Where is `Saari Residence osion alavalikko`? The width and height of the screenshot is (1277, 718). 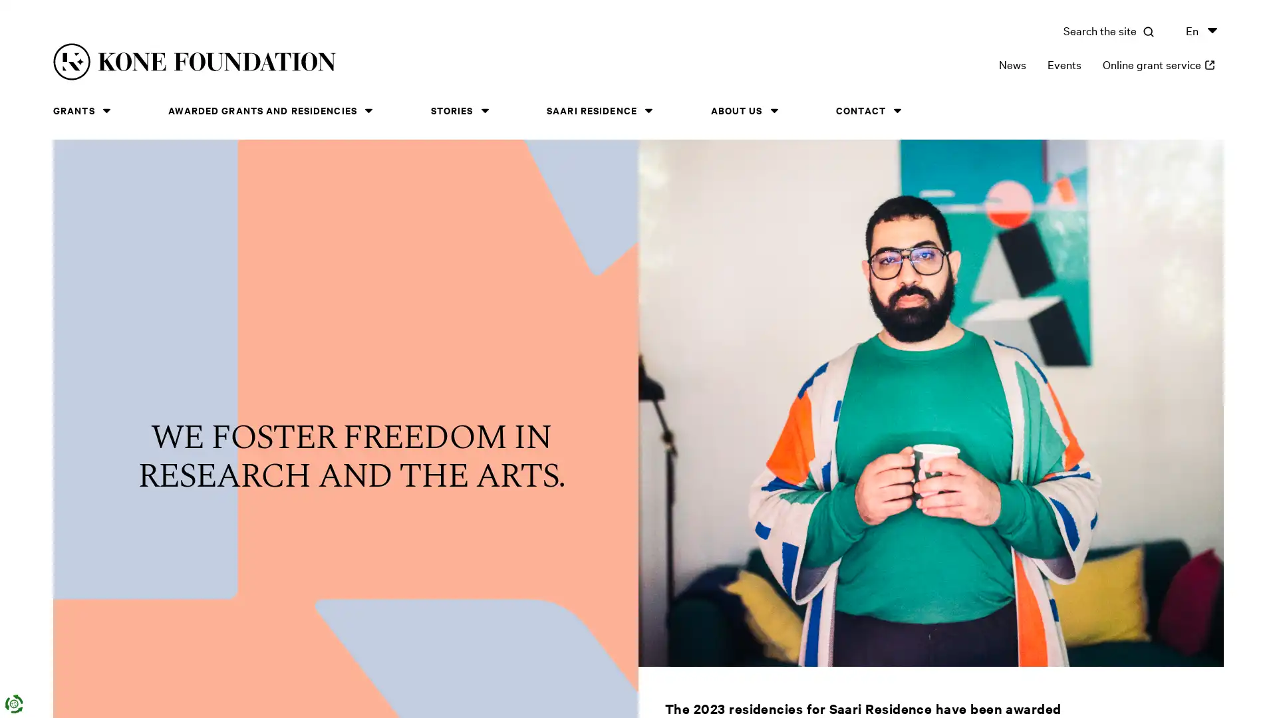 Saari Residence osion alavalikko is located at coordinates (648, 110).